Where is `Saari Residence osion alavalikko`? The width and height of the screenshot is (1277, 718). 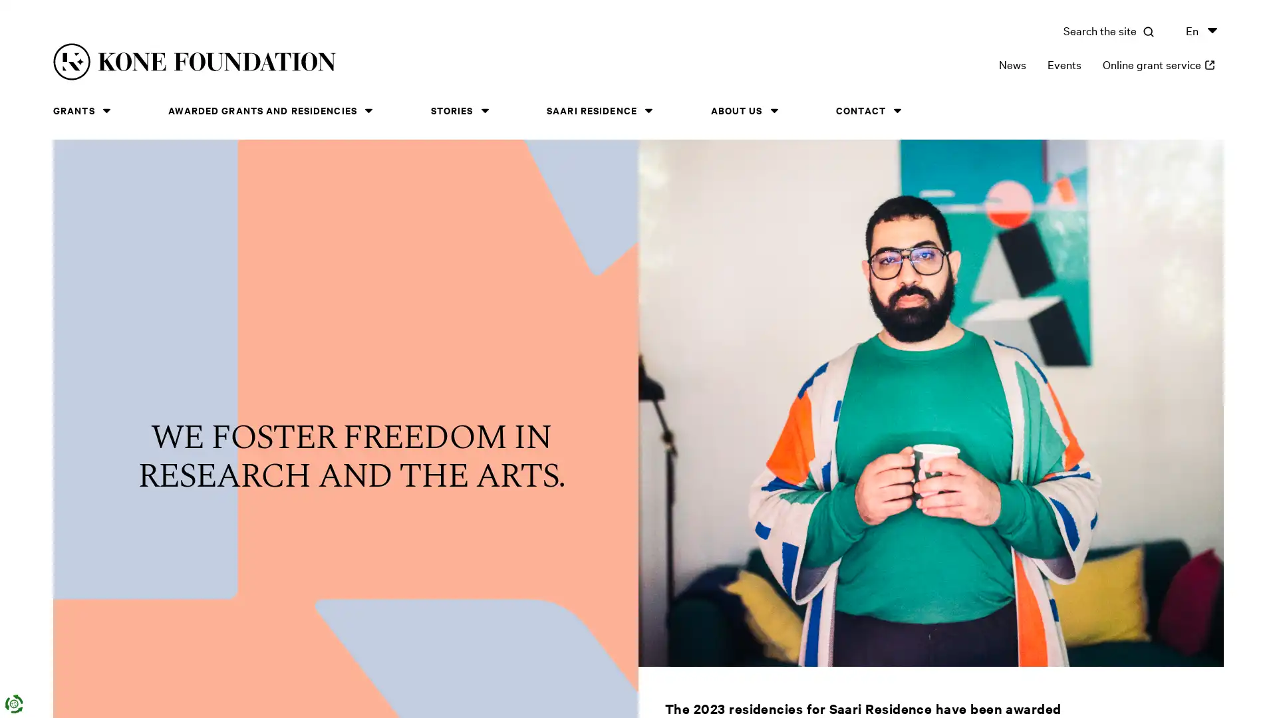 Saari Residence osion alavalikko is located at coordinates (648, 110).